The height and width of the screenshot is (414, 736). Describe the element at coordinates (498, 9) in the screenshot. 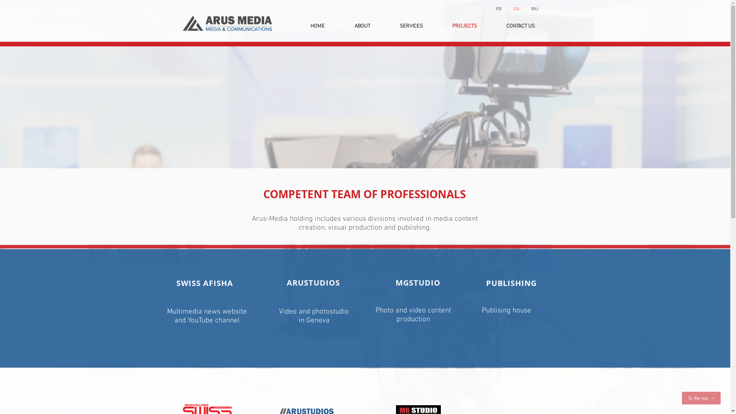

I see `'FR'` at that location.